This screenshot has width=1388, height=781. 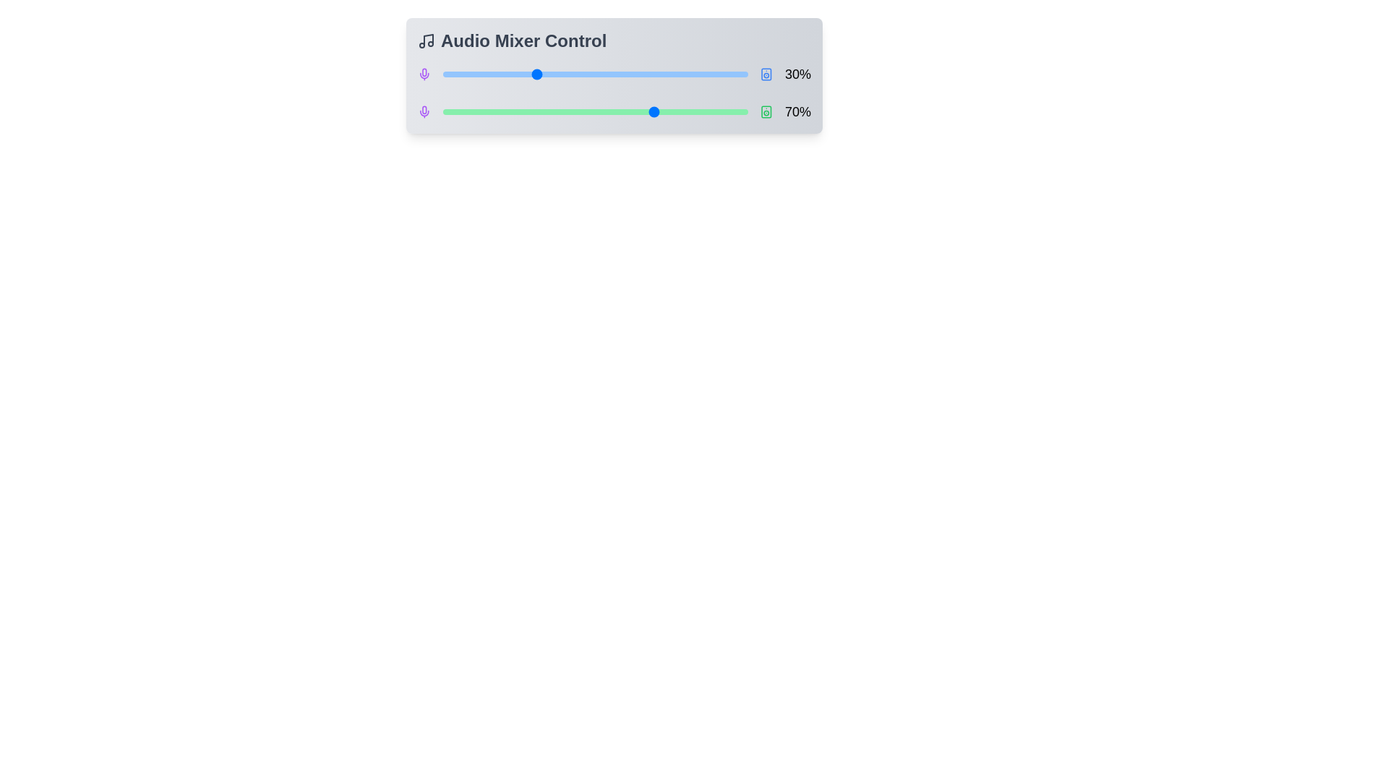 I want to click on the slider, so click(x=625, y=74).